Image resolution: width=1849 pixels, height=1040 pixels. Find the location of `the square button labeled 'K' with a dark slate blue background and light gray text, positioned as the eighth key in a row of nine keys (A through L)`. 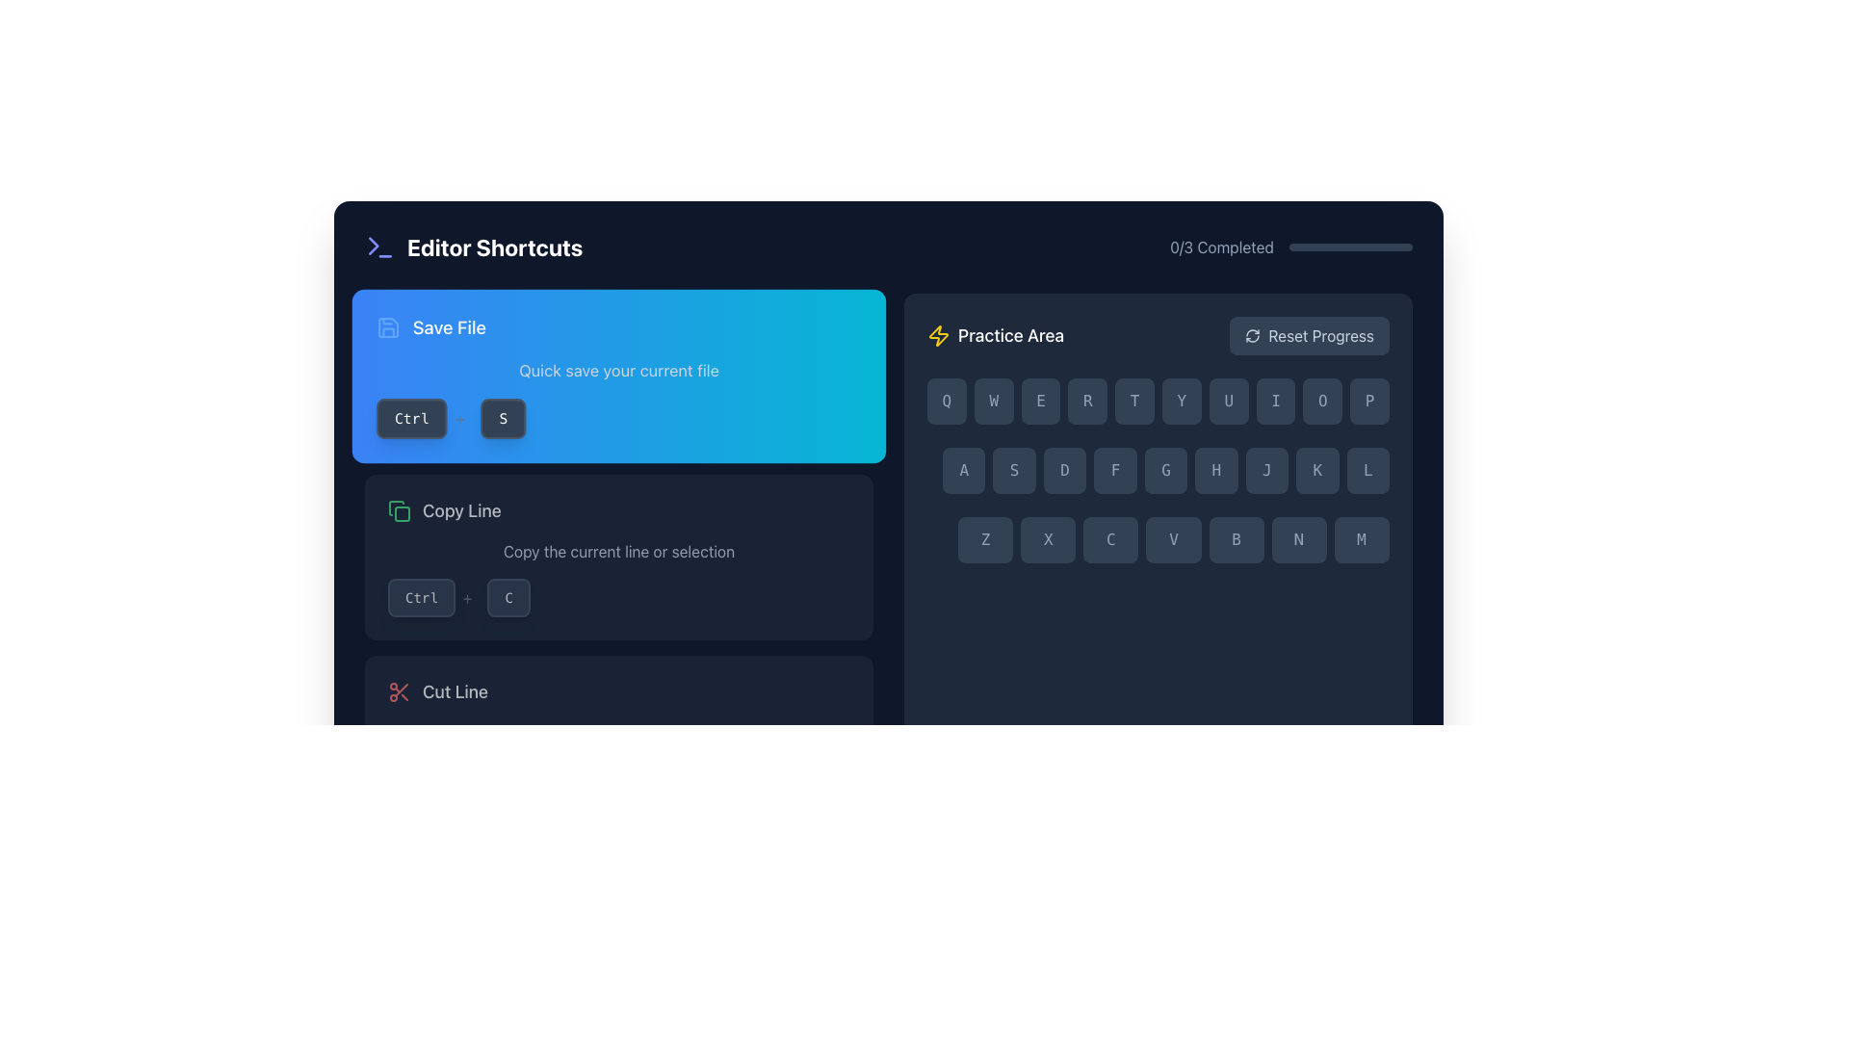

the square button labeled 'K' with a dark slate blue background and light gray text, positioned as the eighth key in a row of nine keys (A through L) is located at coordinates (1316, 471).